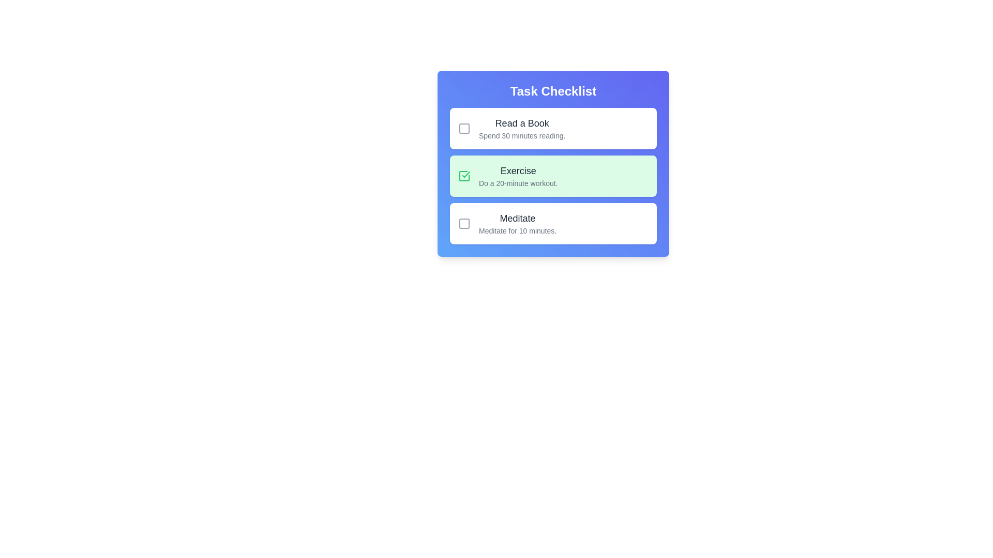 This screenshot has width=993, height=558. What do you see at coordinates (463, 128) in the screenshot?
I see `the checkbox icon for task Read a Book to determine its completion status` at bounding box center [463, 128].